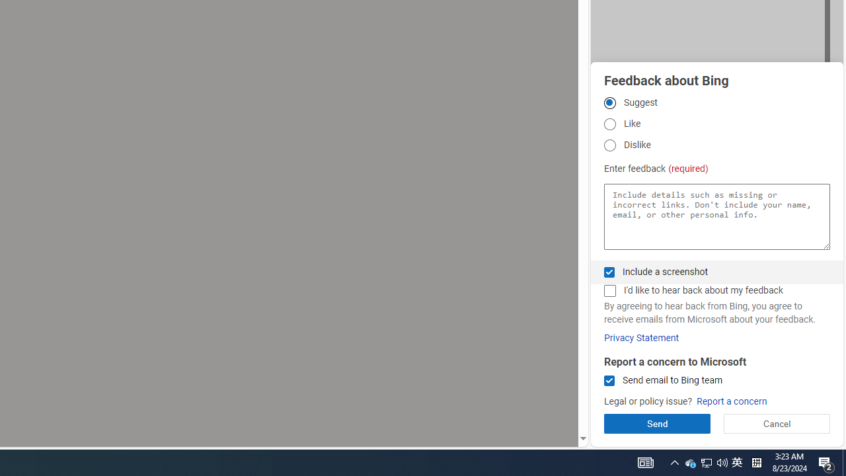  I want to click on 'Like', so click(609, 124).